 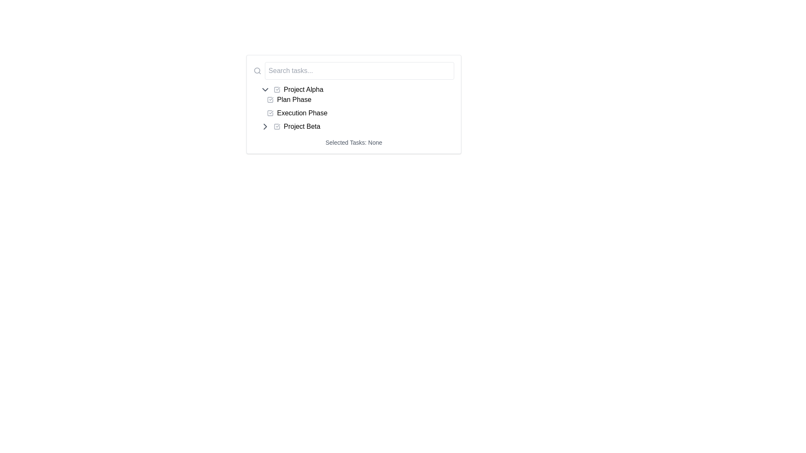 What do you see at coordinates (354, 104) in the screenshot?
I see `the list items within the project management interface` at bounding box center [354, 104].